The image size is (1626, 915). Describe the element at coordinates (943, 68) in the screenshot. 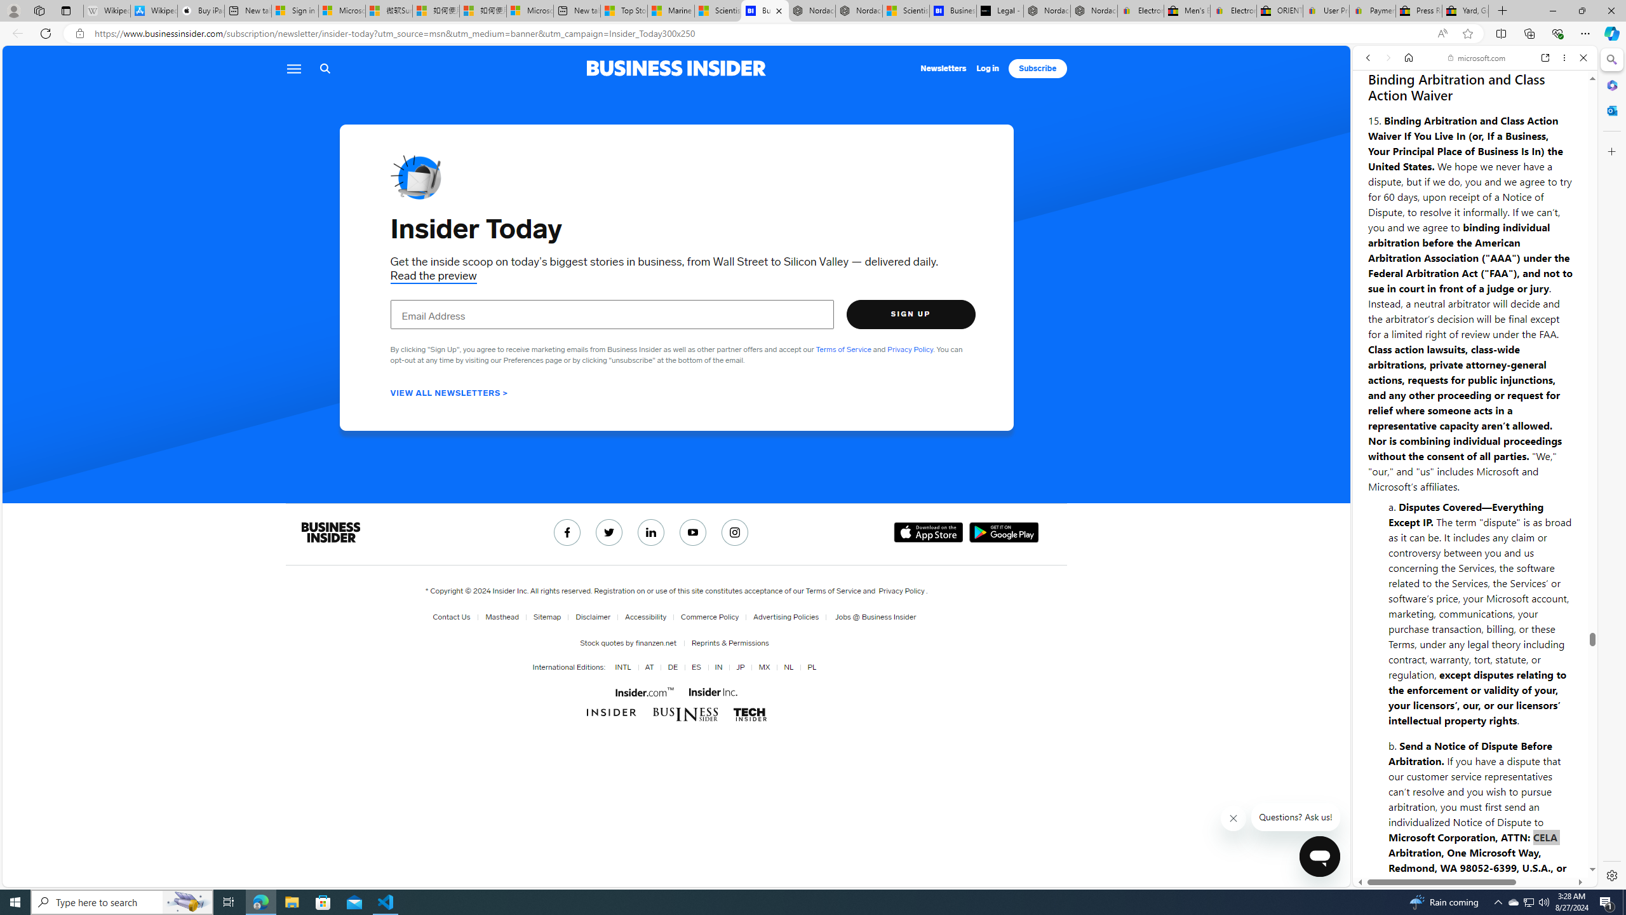

I see `'Newsletters'` at that location.